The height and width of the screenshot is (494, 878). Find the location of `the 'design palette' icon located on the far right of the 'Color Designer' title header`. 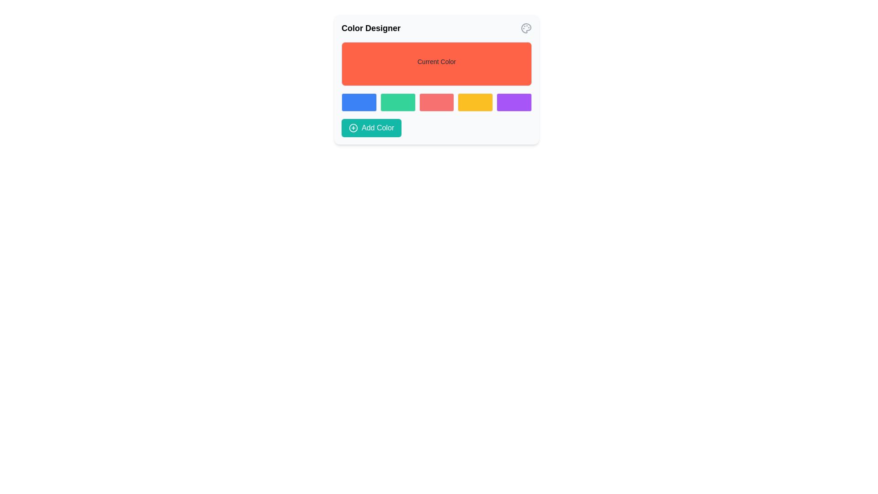

the 'design palette' icon located on the far right of the 'Color Designer' title header is located at coordinates (526, 27).